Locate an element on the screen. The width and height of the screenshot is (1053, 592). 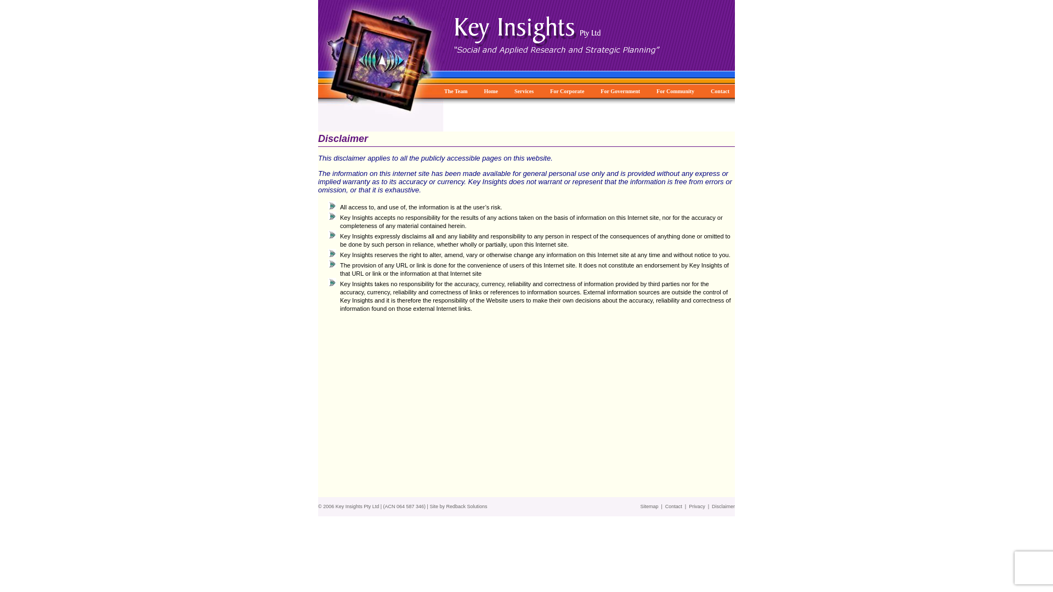
'For Corporate' is located at coordinates (567, 90).